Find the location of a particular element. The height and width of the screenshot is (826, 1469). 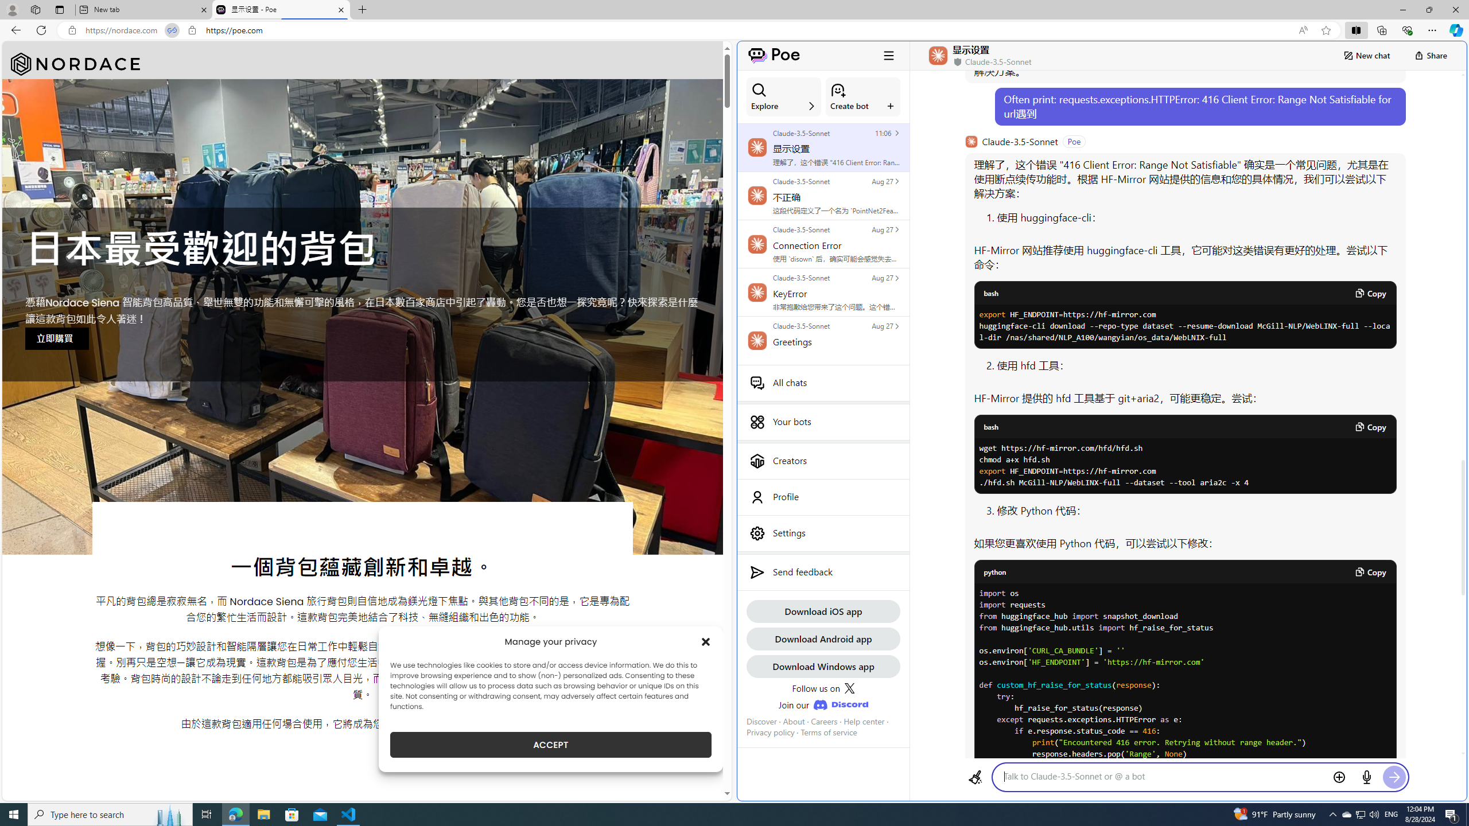

'Creators' is located at coordinates (823, 461).